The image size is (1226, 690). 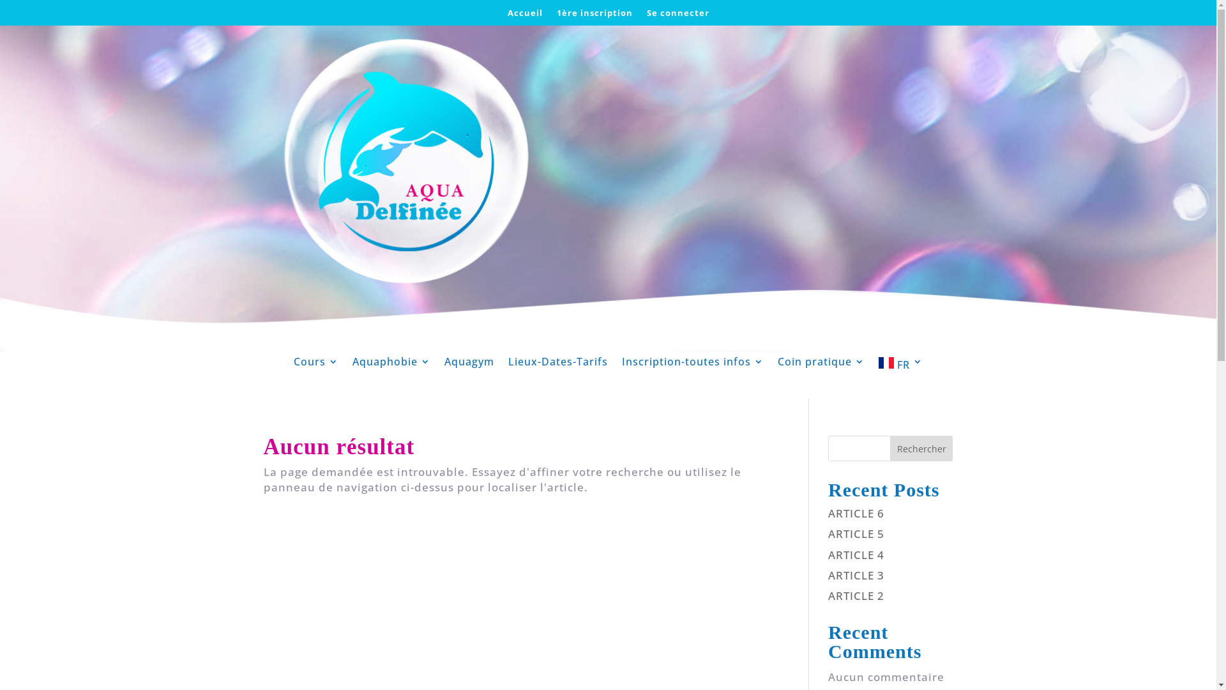 What do you see at coordinates (315, 365) in the screenshot?
I see `'Cours'` at bounding box center [315, 365].